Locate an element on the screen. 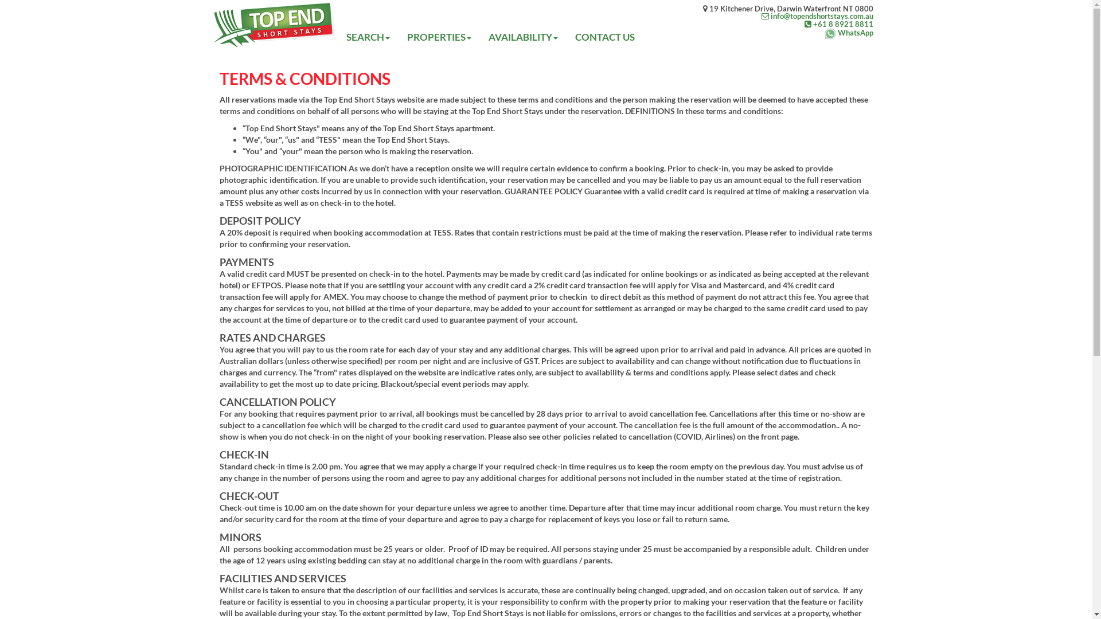 This screenshot has height=619, width=1101. 'CONTACT US' is located at coordinates (604, 37).